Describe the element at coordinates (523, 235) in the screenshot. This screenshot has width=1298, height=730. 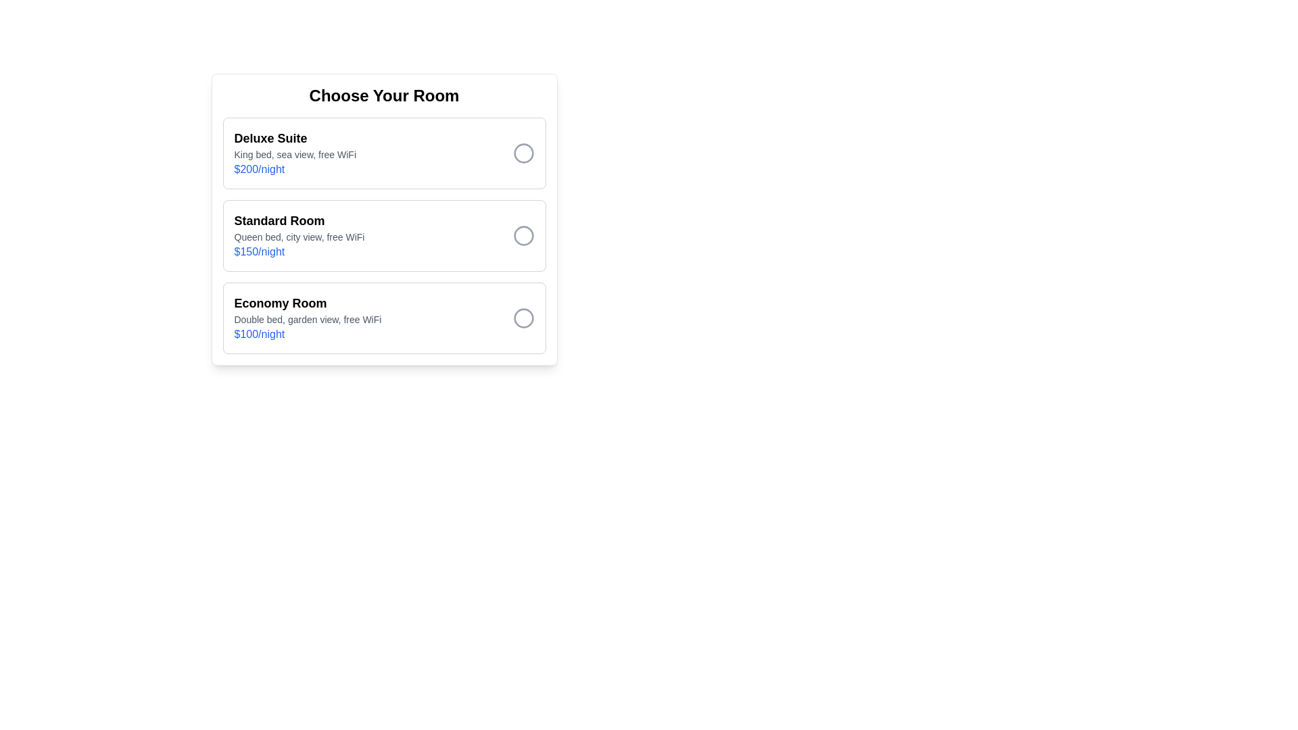
I see `the 'Standard Room' radio button` at that location.